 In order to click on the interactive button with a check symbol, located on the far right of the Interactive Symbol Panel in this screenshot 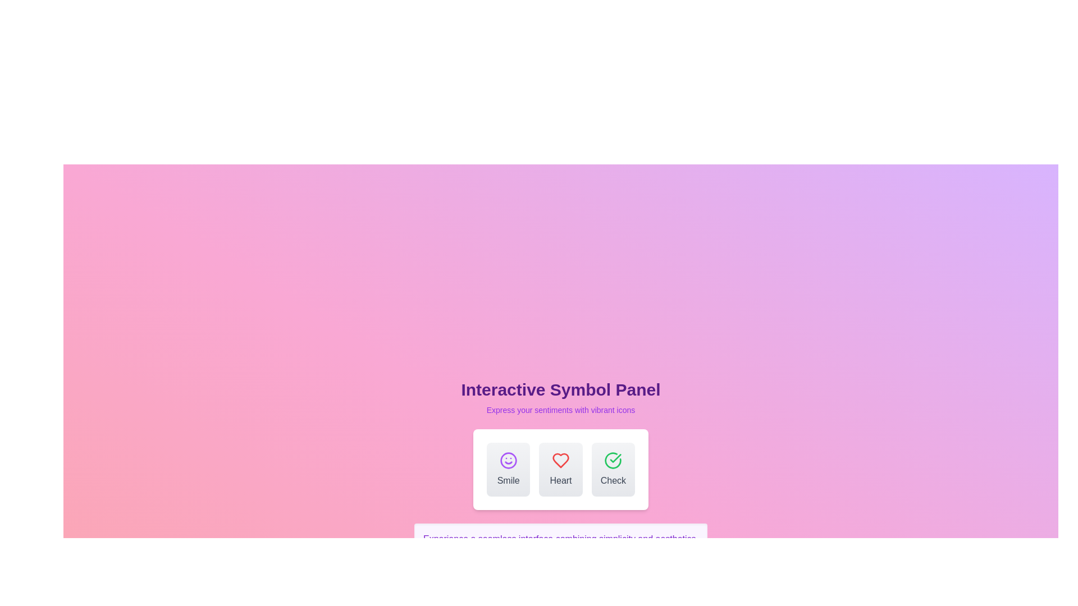, I will do `click(613, 470)`.